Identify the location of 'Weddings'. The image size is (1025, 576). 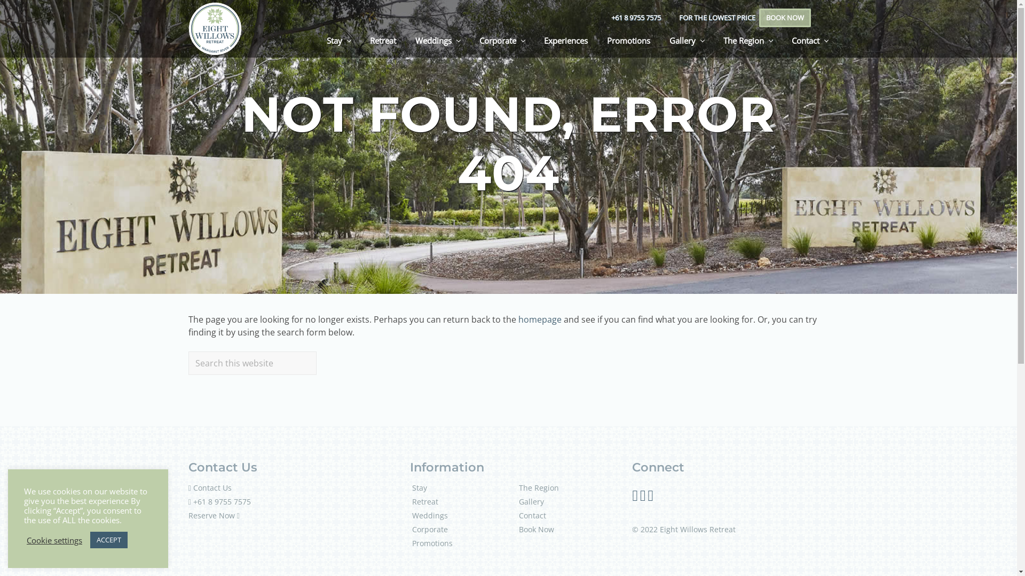
(430, 515).